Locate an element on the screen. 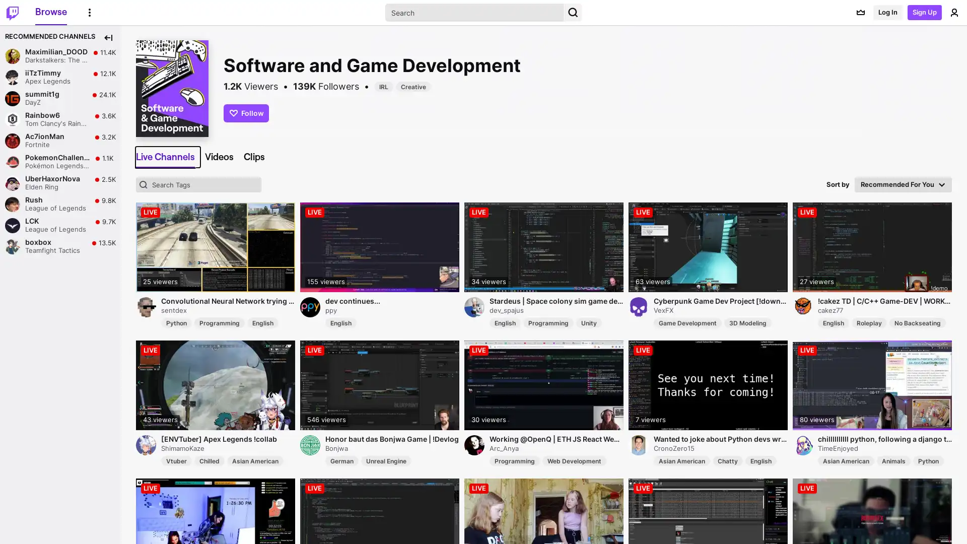  Prime offers is located at coordinates (860, 12).